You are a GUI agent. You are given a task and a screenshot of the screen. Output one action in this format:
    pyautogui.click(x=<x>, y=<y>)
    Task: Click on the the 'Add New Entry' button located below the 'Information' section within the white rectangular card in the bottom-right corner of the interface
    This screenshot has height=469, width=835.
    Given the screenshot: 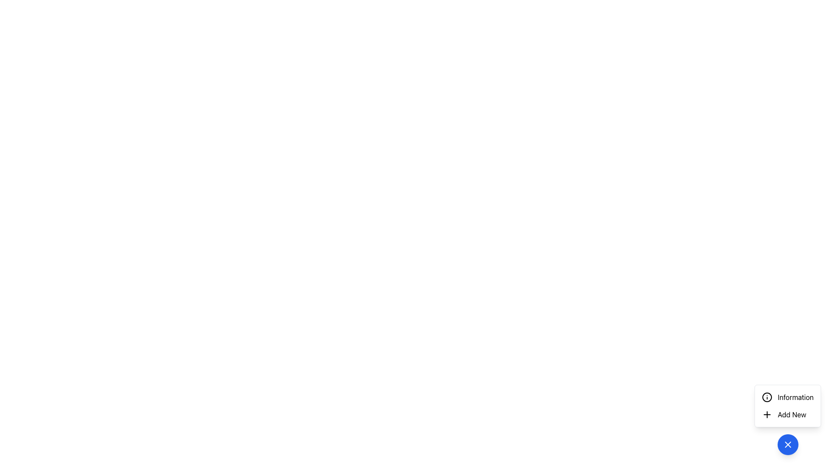 What is the action you would take?
    pyautogui.click(x=784, y=414)
    